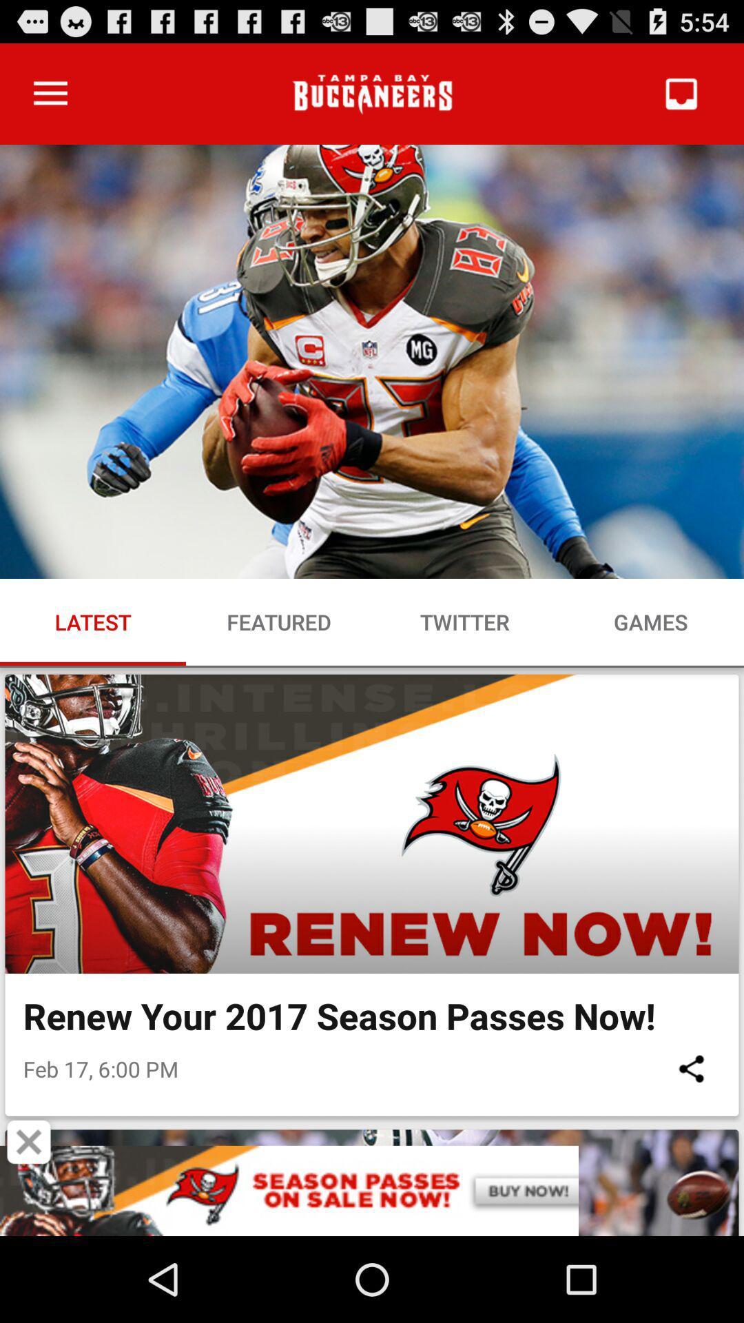  Describe the element at coordinates (50, 93) in the screenshot. I see `item at the top left corner` at that location.